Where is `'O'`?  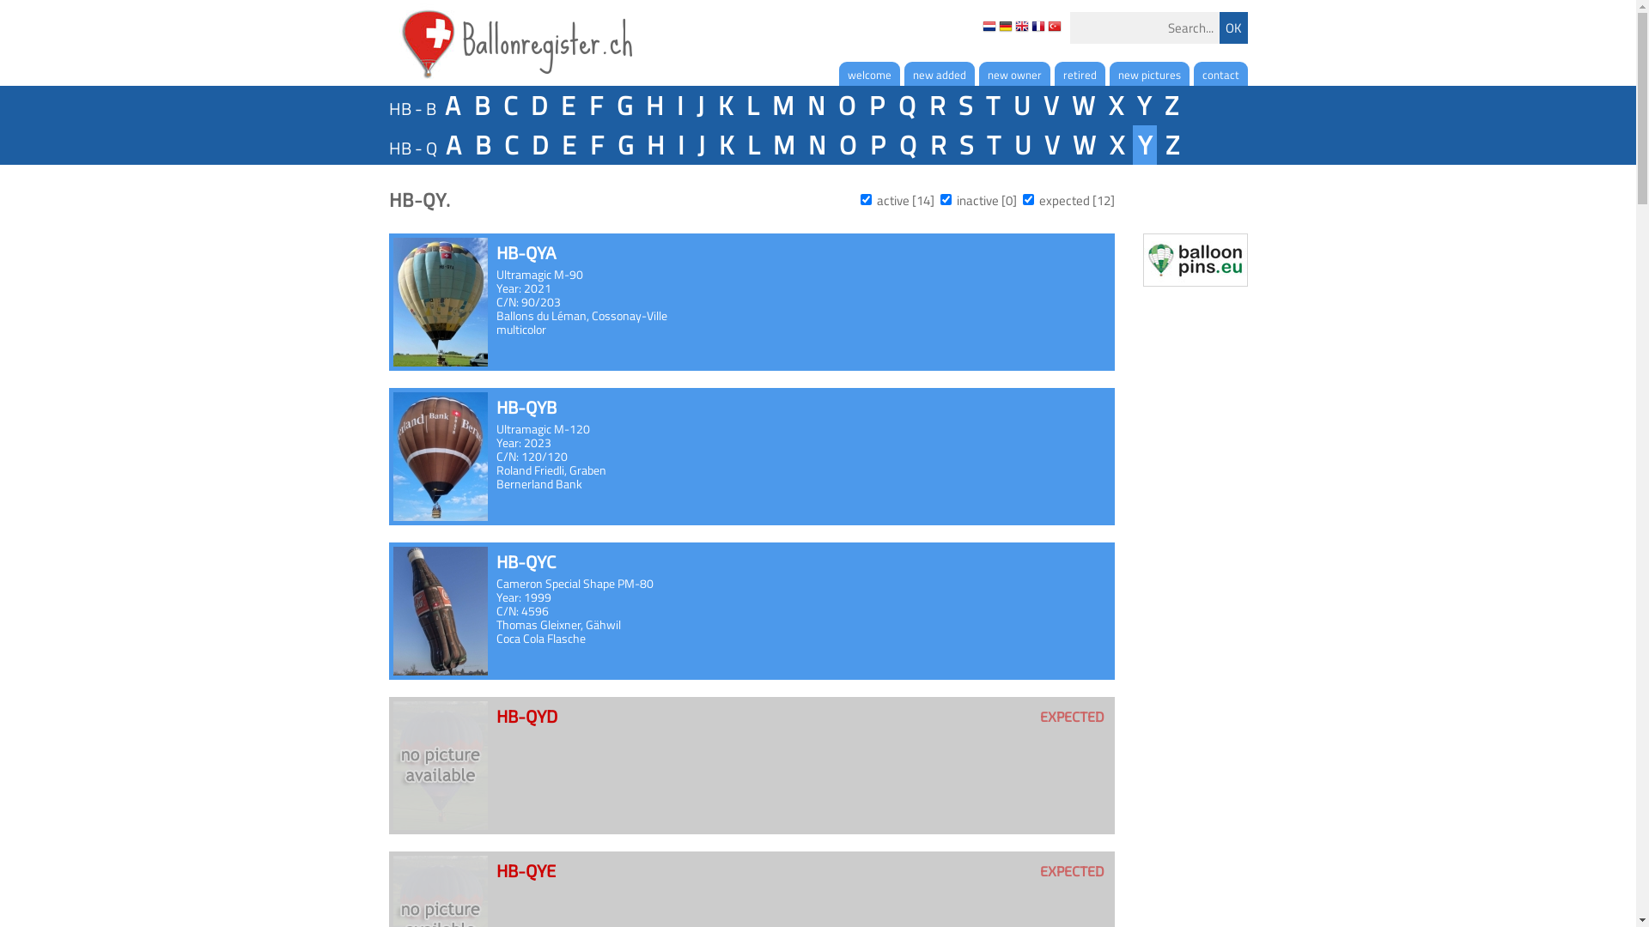
'O' is located at coordinates (846, 144).